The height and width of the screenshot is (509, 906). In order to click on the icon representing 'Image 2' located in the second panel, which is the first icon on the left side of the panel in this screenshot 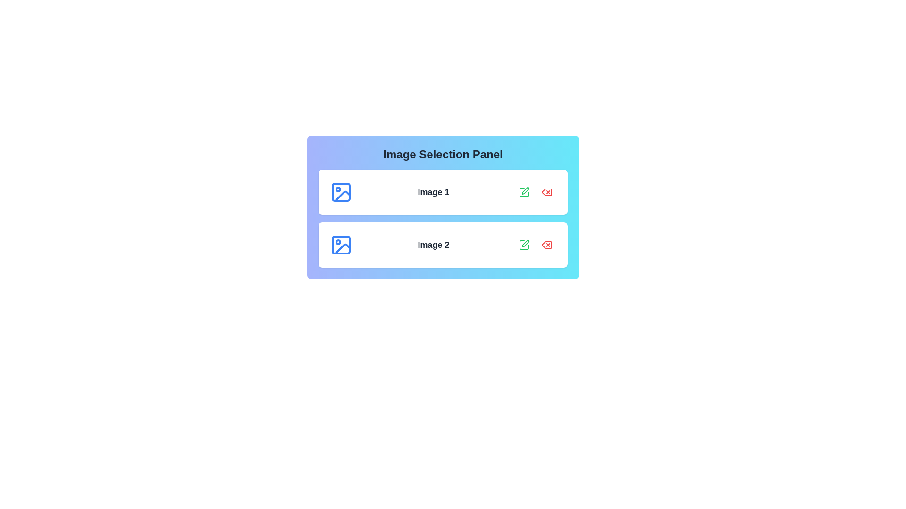, I will do `click(341, 245)`.